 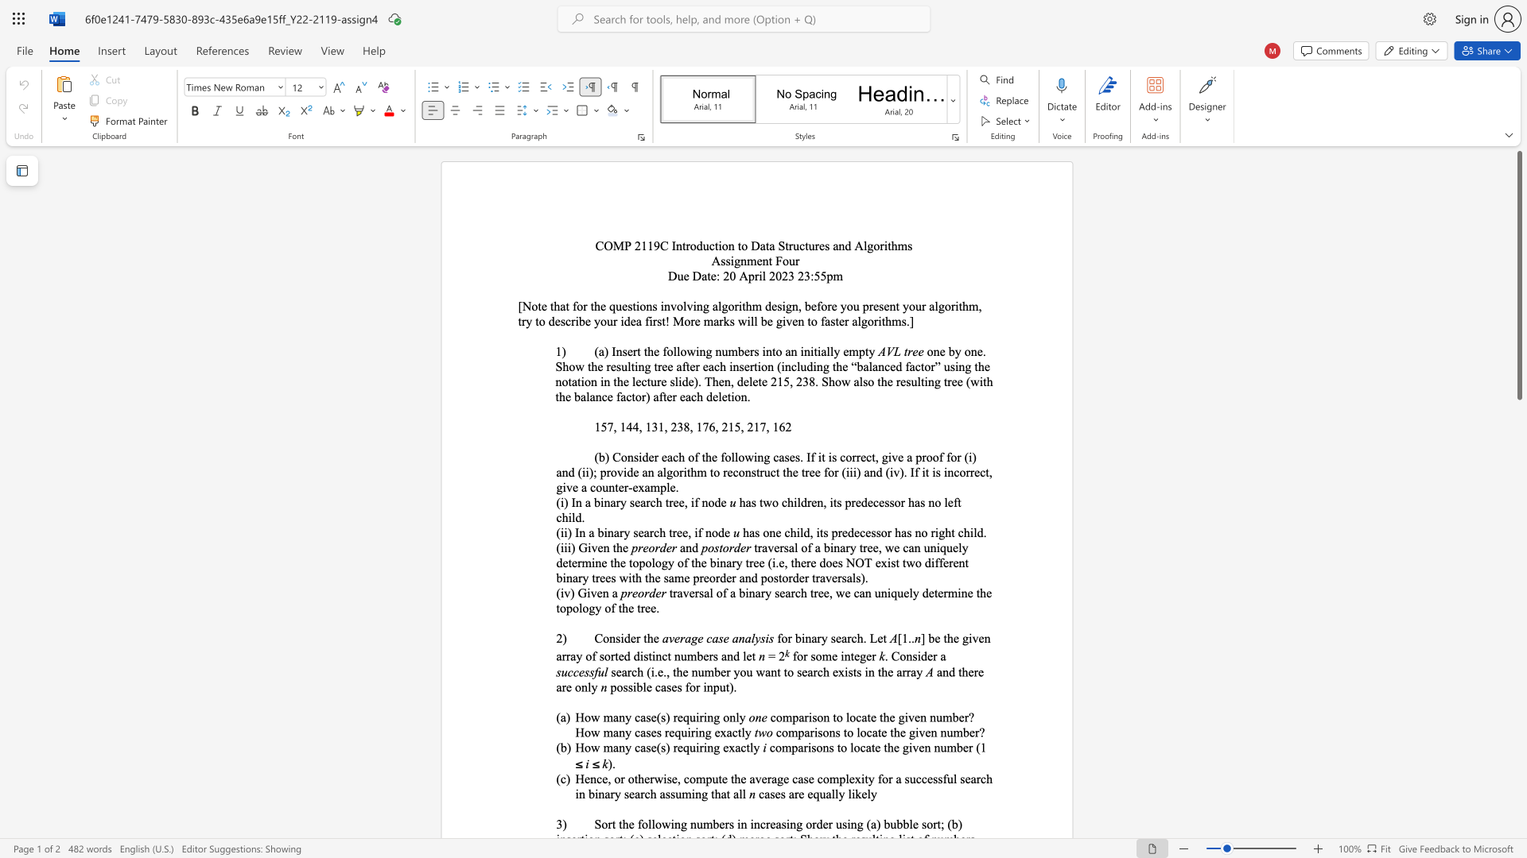 I want to click on the 1th character "d" in the text, so click(x=626, y=637).